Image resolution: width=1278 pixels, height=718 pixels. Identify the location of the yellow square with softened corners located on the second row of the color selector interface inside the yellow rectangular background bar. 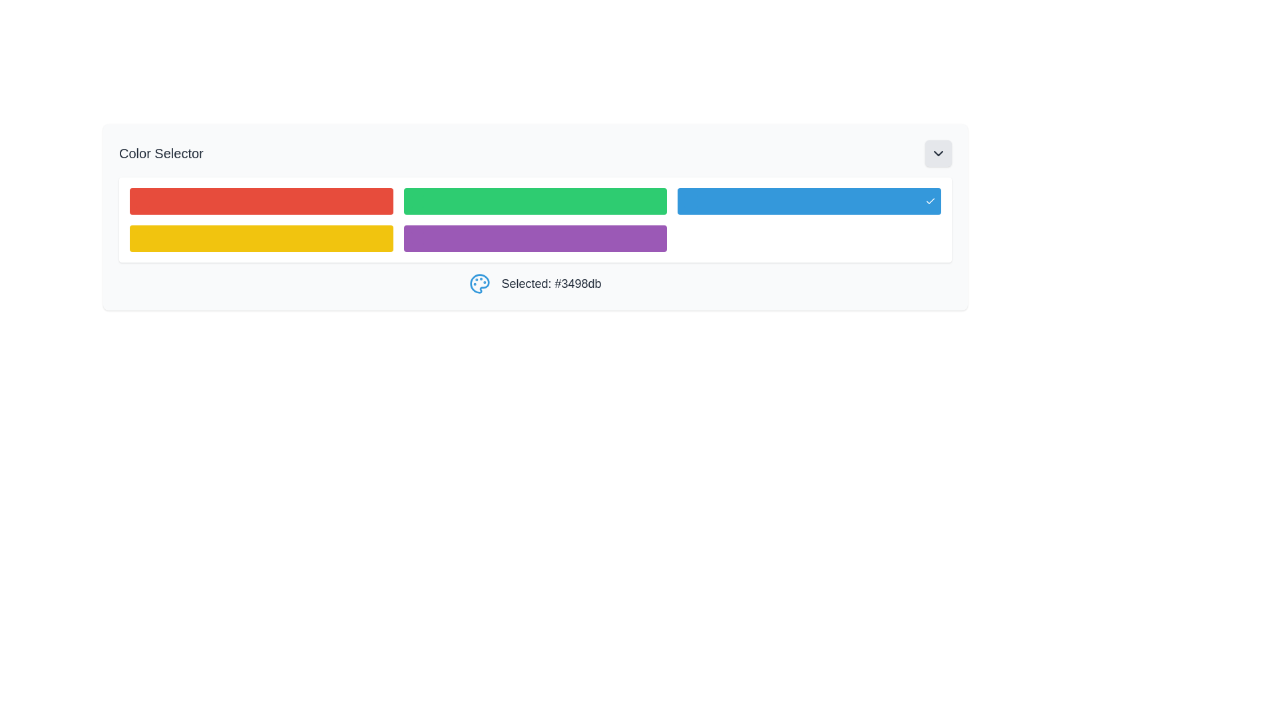
(143, 237).